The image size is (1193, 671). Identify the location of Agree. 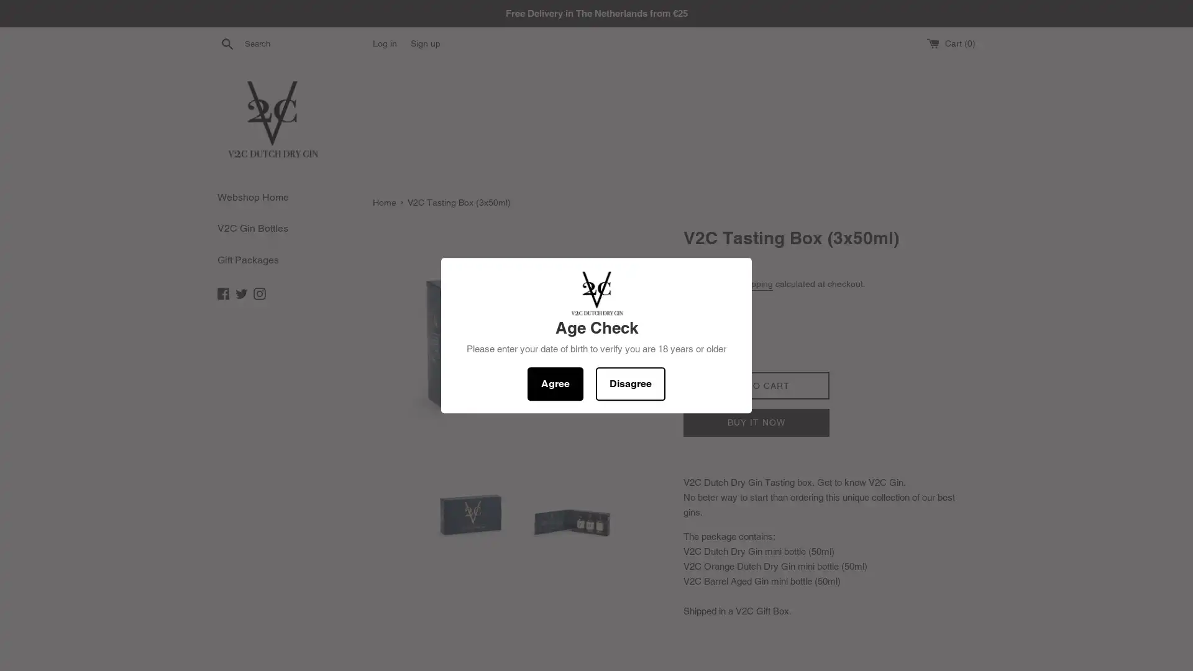
(554, 383).